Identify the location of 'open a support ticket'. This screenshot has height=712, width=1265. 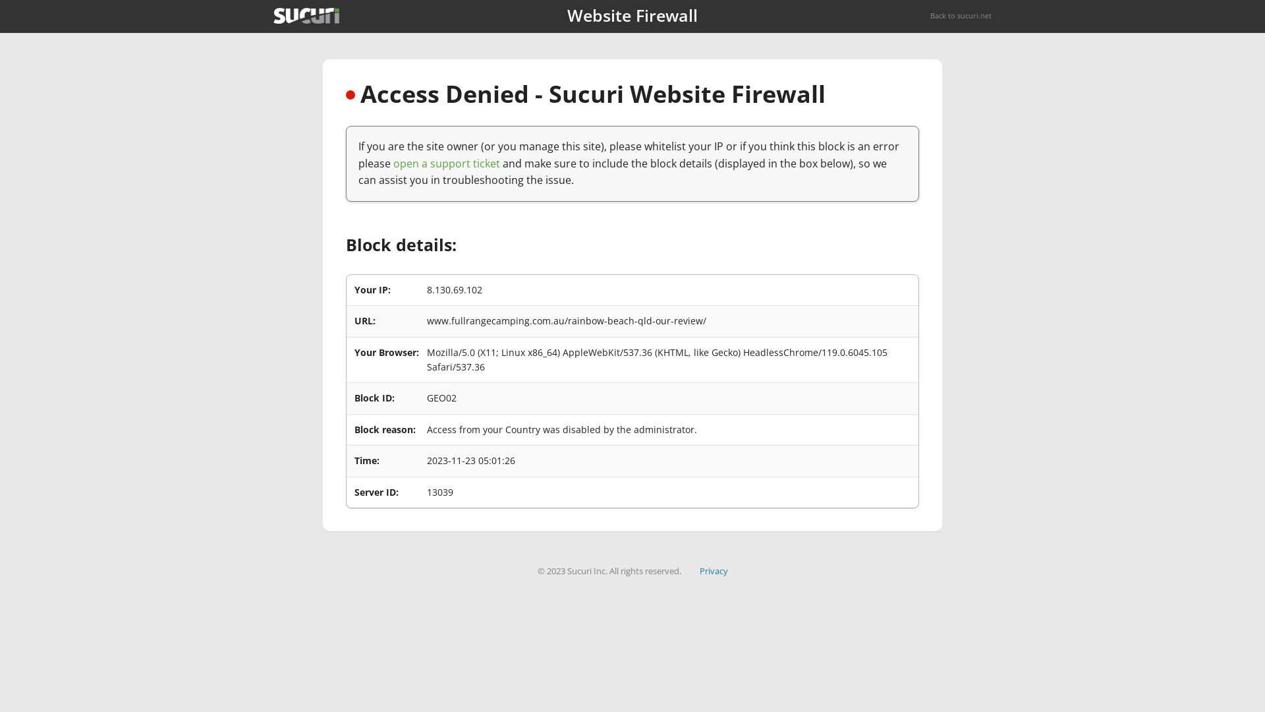
(446, 162).